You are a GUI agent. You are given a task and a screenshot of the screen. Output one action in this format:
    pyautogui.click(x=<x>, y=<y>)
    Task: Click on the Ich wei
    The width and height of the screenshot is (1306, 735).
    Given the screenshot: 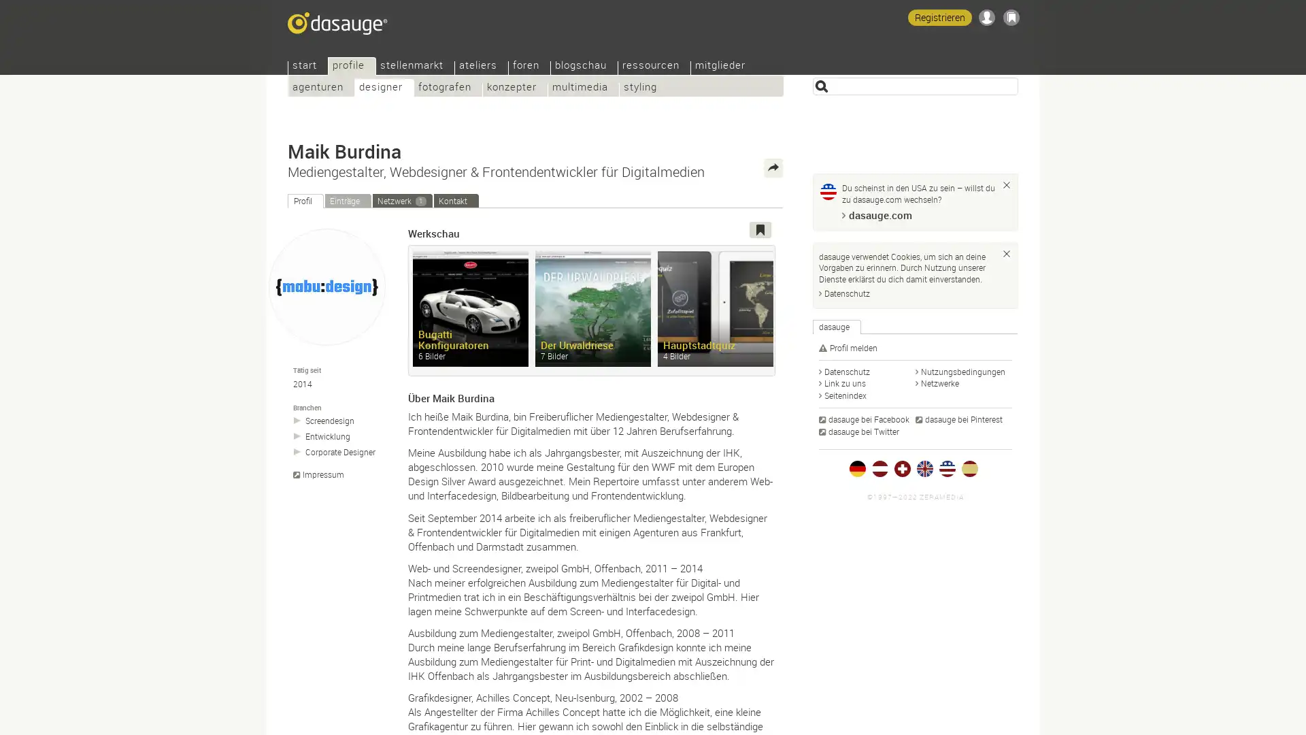 What is the action you would take?
    pyautogui.click(x=1006, y=252)
    